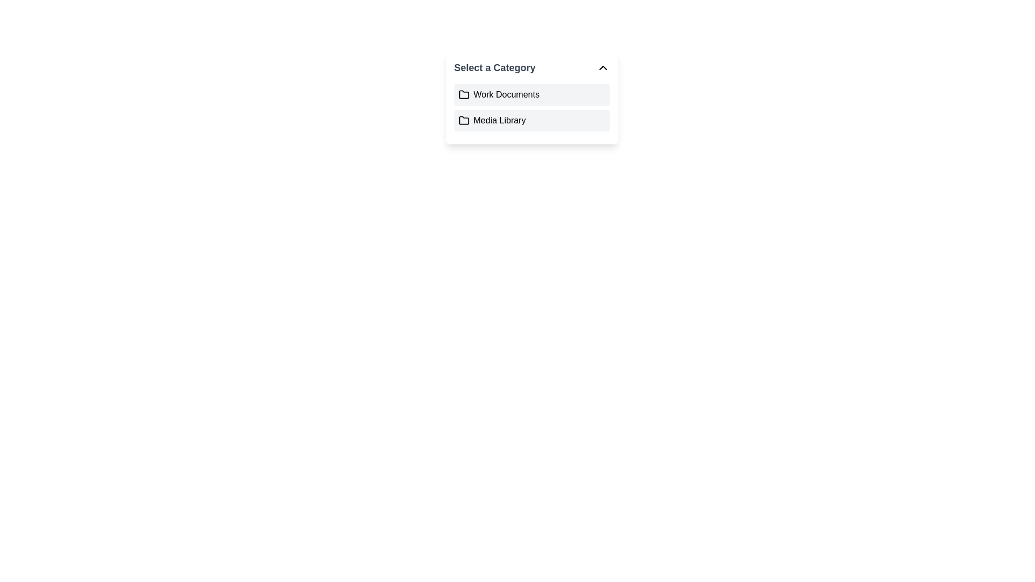  I want to click on the chevron icon located at the right end of the 'Select a Category' header, so click(602, 68).